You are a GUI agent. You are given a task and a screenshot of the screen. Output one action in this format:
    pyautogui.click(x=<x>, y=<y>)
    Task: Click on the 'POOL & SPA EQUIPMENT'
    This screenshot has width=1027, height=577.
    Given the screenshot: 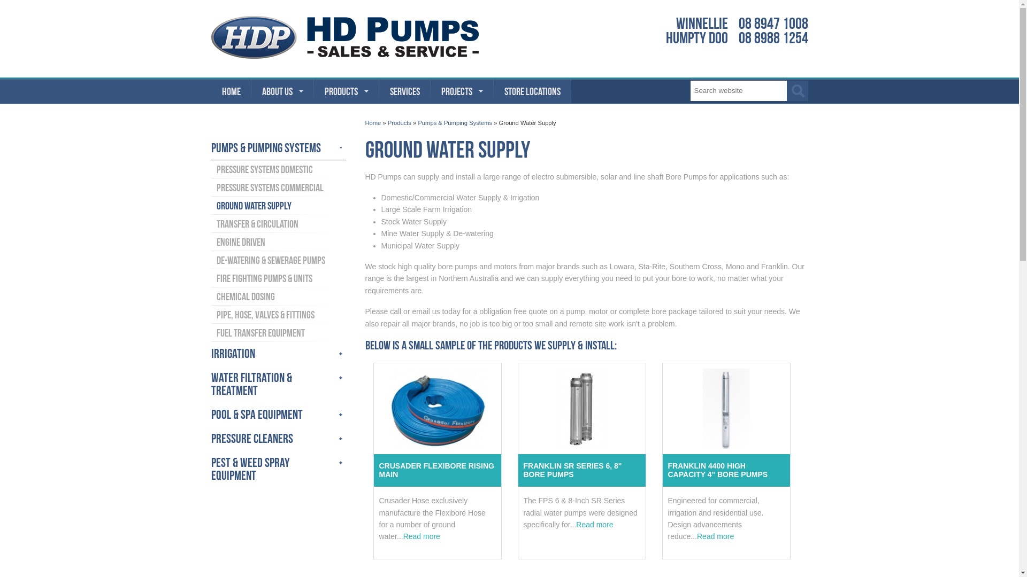 What is the action you would take?
    pyautogui.click(x=278, y=414)
    